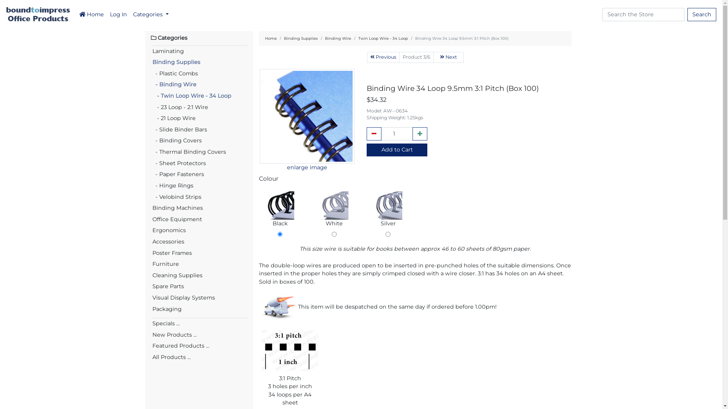 The width and height of the screenshot is (728, 409). I want to click on 'Packaging', so click(199, 309).